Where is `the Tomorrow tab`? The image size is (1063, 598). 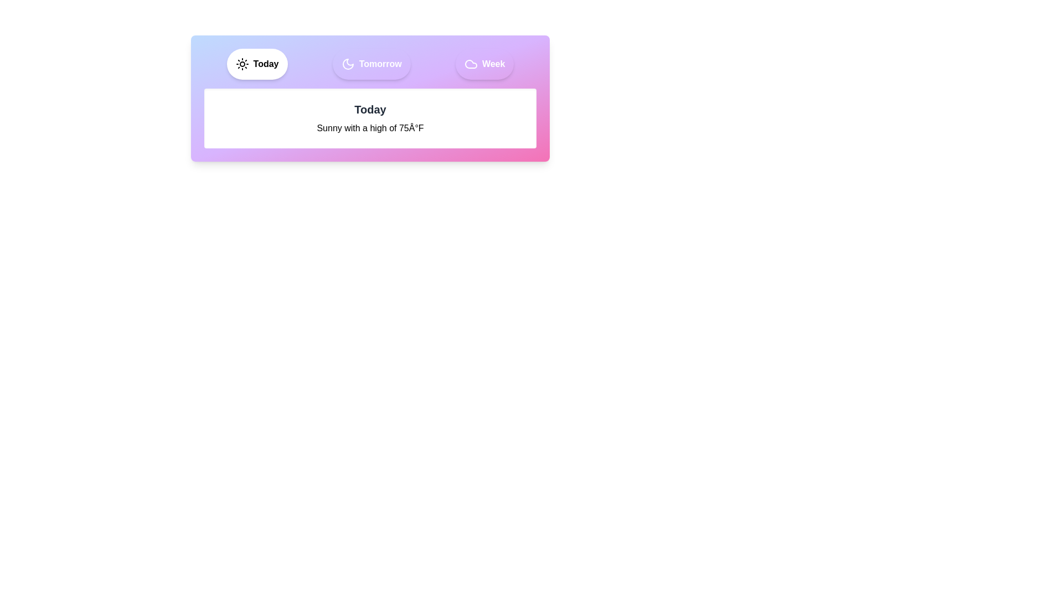 the Tomorrow tab is located at coordinates (371, 64).